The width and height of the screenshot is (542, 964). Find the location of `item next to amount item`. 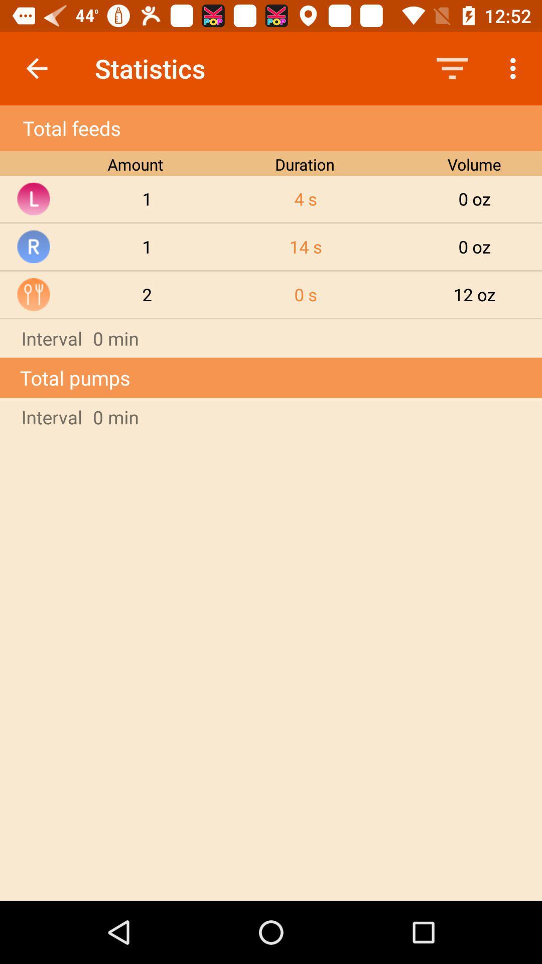

item next to amount item is located at coordinates (305, 199).